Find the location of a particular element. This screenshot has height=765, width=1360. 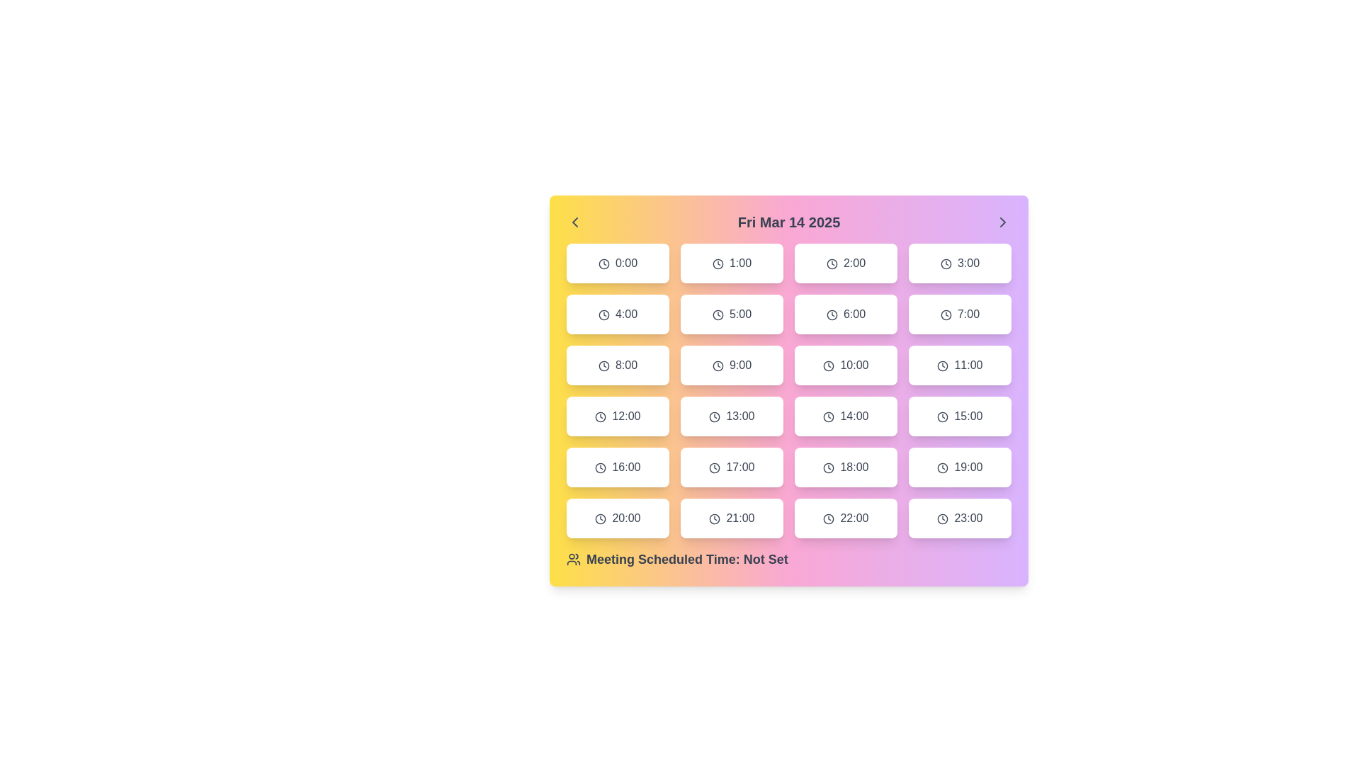

the time selection button labeled '17:00' with a clock icon, located in the 2nd column and 5th row of the grid layout is located at coordinates (732, 467).